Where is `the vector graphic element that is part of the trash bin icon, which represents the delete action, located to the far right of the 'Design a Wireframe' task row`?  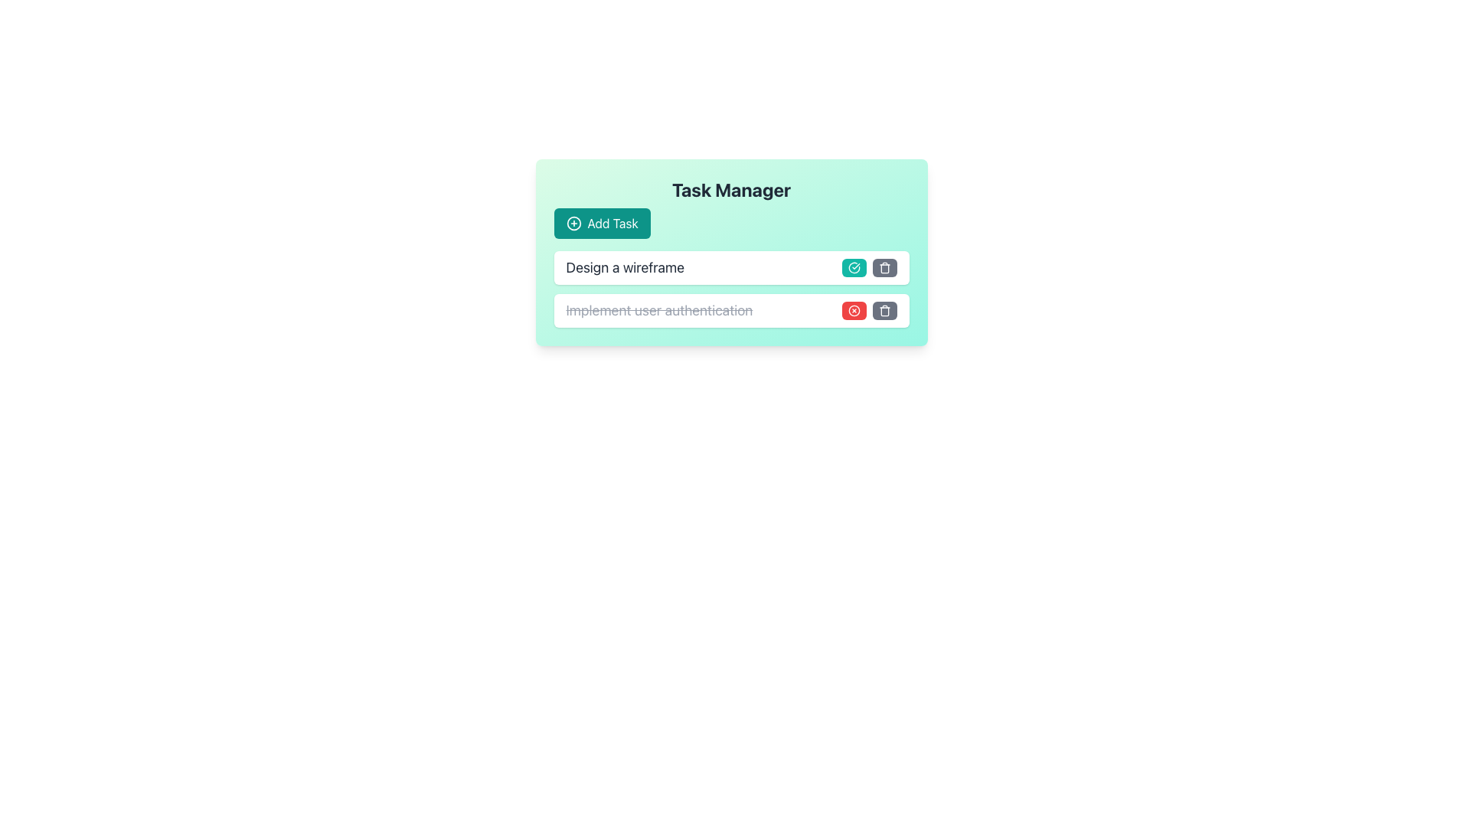
the vector graphic element that is part of the trash bin icon, which represents the delete action, located to the far right of the 'Design a Wireframe' task row is located at coordinates (884, 268).